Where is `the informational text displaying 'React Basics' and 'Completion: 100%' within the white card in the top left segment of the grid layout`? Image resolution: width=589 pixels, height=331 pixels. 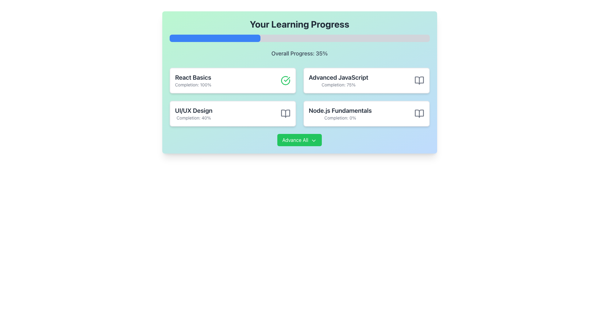 the informational text displaying 'React Basics' and 'Completion: 100%' within the white card in the top left segment of the grid layout is located at coordinates (193, 80).